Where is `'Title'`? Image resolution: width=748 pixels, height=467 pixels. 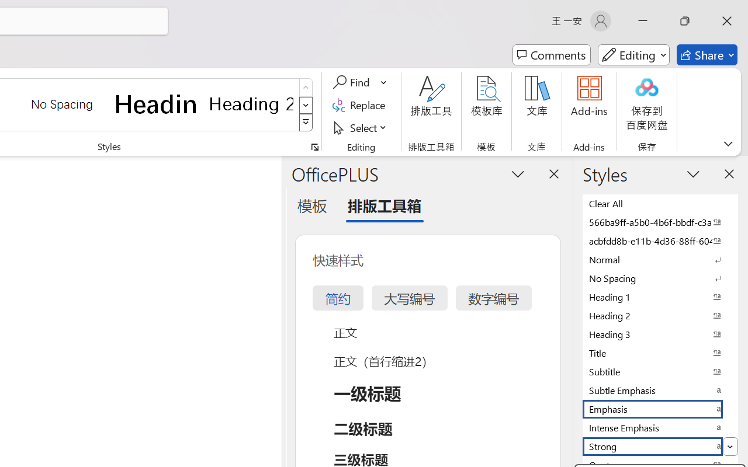
'Title' is located at coordinates (660, 353).